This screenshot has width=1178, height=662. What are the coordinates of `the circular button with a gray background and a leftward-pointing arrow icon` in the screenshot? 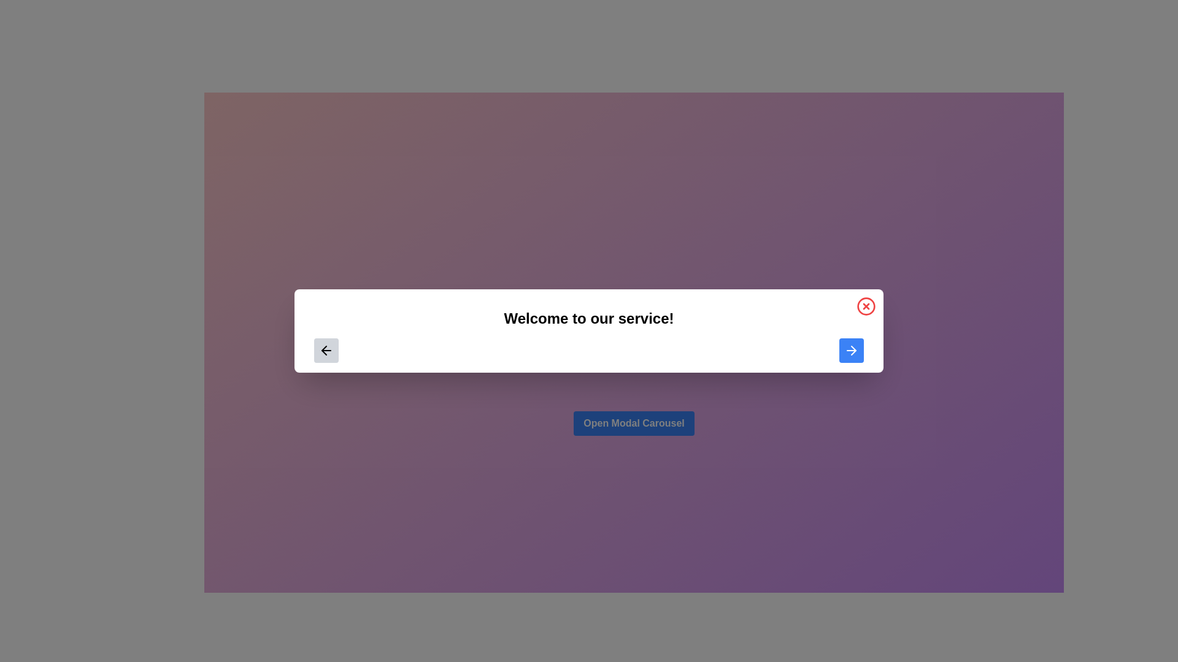 It's located at (326, 350).